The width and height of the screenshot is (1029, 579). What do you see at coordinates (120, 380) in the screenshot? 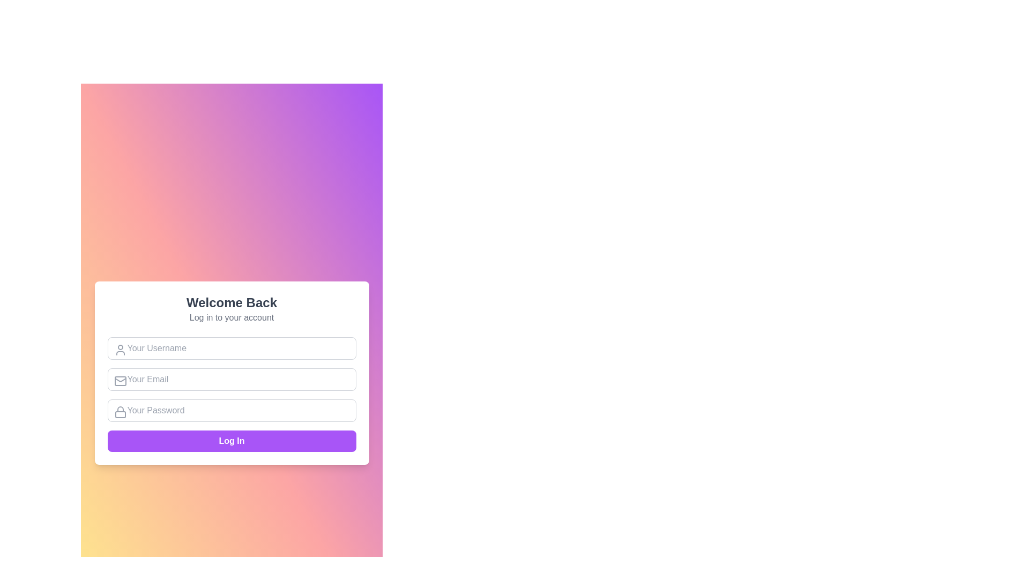
I see `the decorative SVG rectangle that is part of the mail icon, located in the left segment of the email input field labeled 'Your Email'` at bounding box center [120, 380].